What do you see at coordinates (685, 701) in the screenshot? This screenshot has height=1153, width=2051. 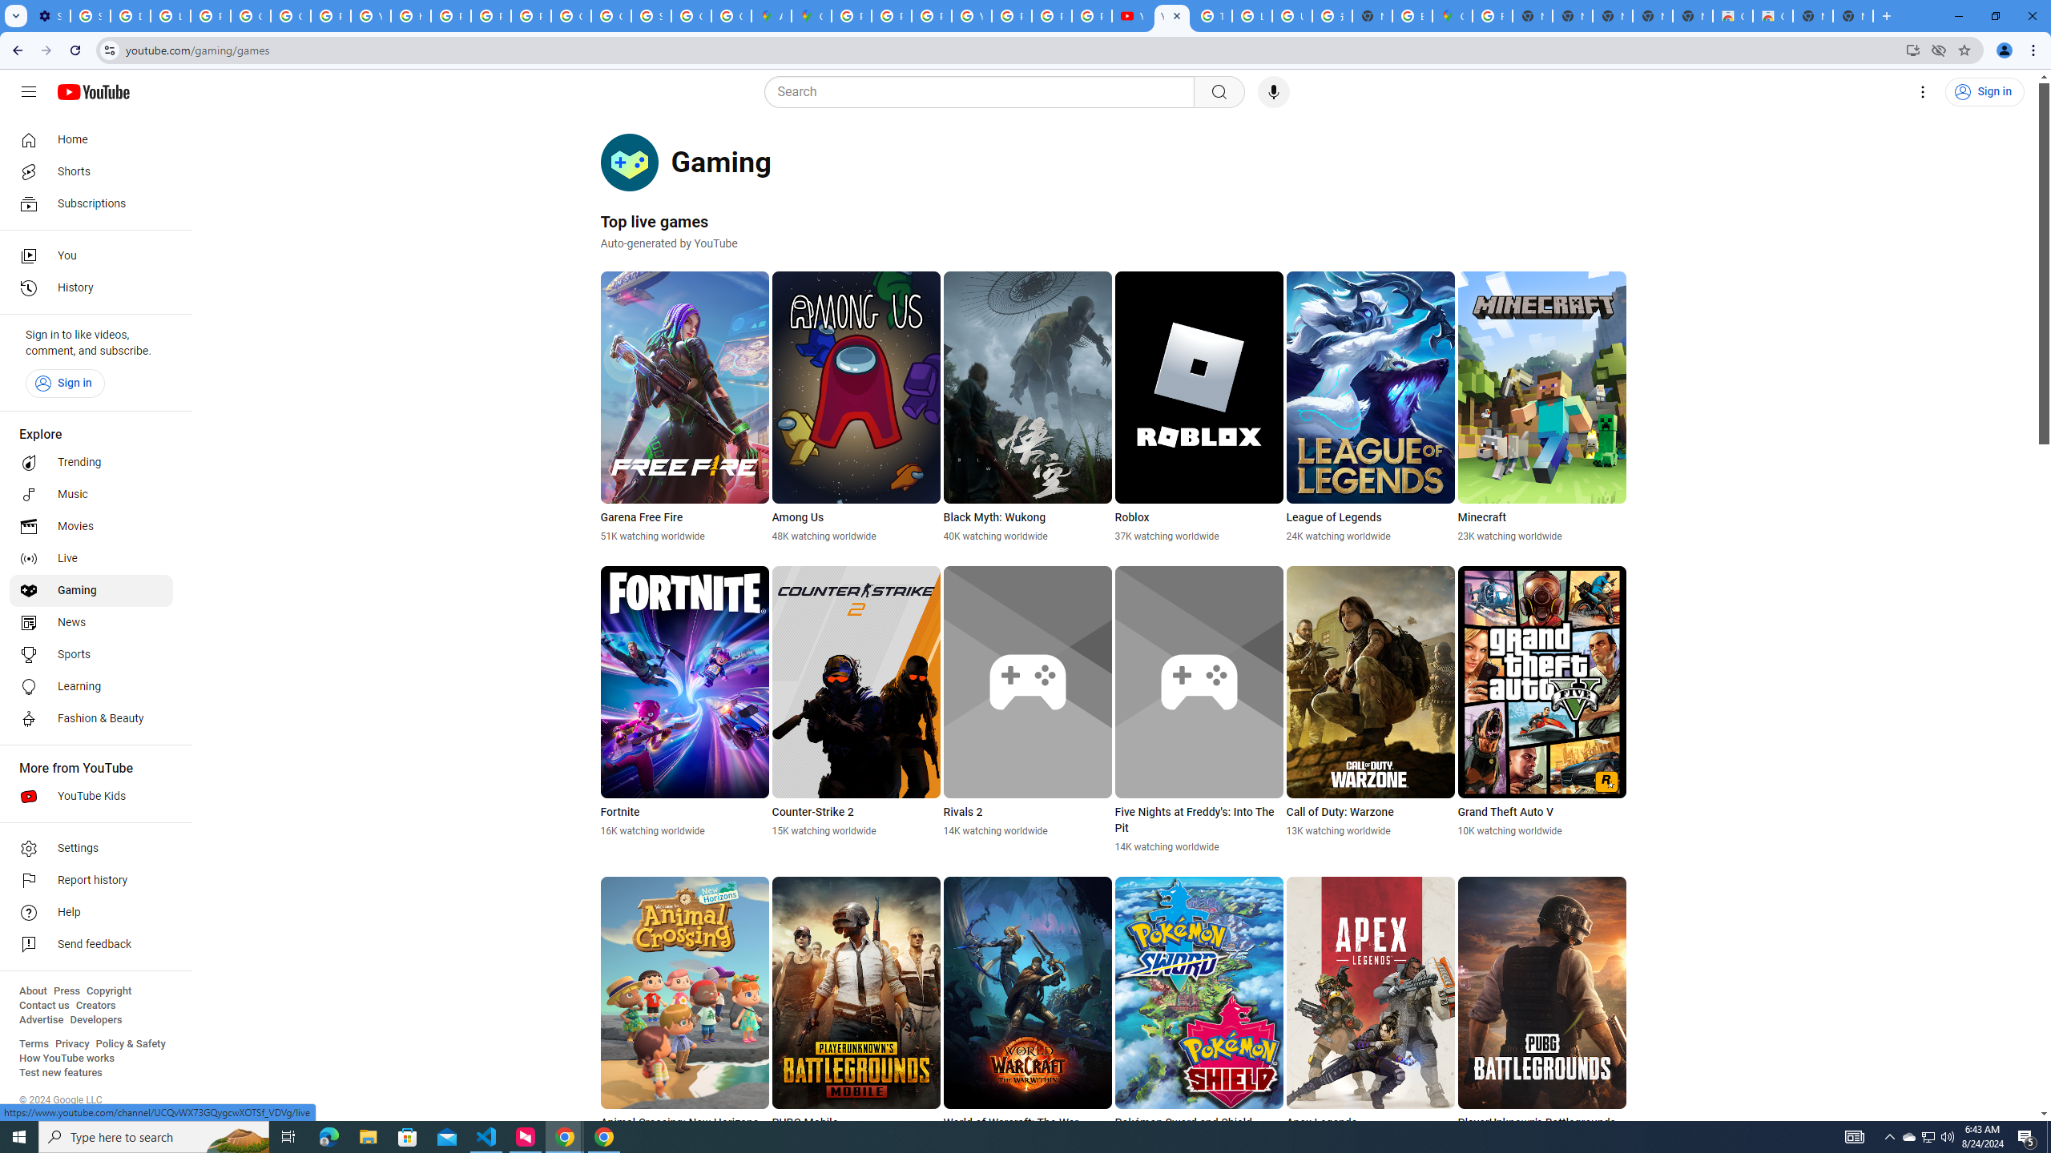 I see `'Fortnite 16K watching worldwide'` at bounding box center [685, 701].